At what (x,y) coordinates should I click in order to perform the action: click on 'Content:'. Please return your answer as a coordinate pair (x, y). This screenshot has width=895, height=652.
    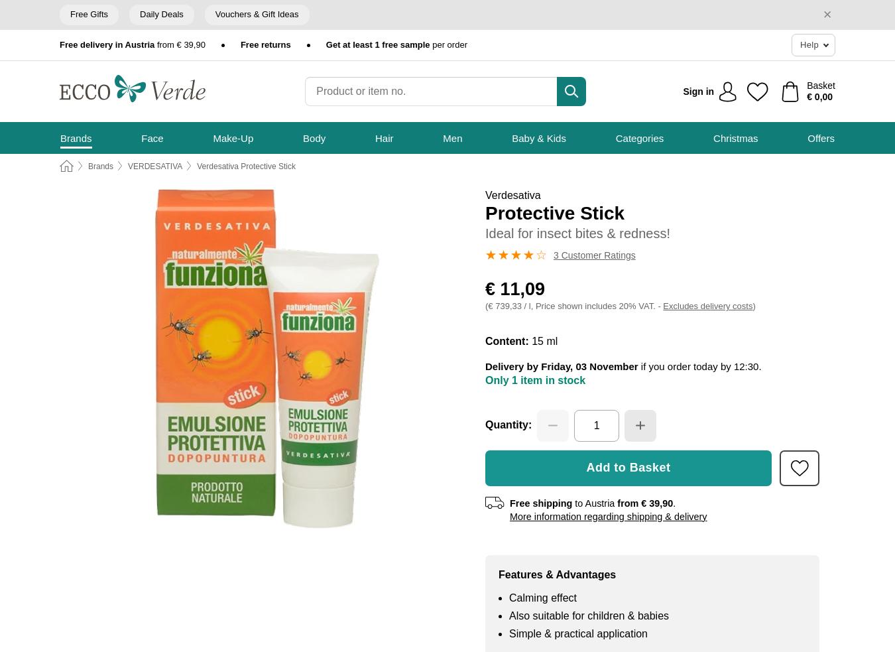
    Looking at the image, I should click on (506, 340).